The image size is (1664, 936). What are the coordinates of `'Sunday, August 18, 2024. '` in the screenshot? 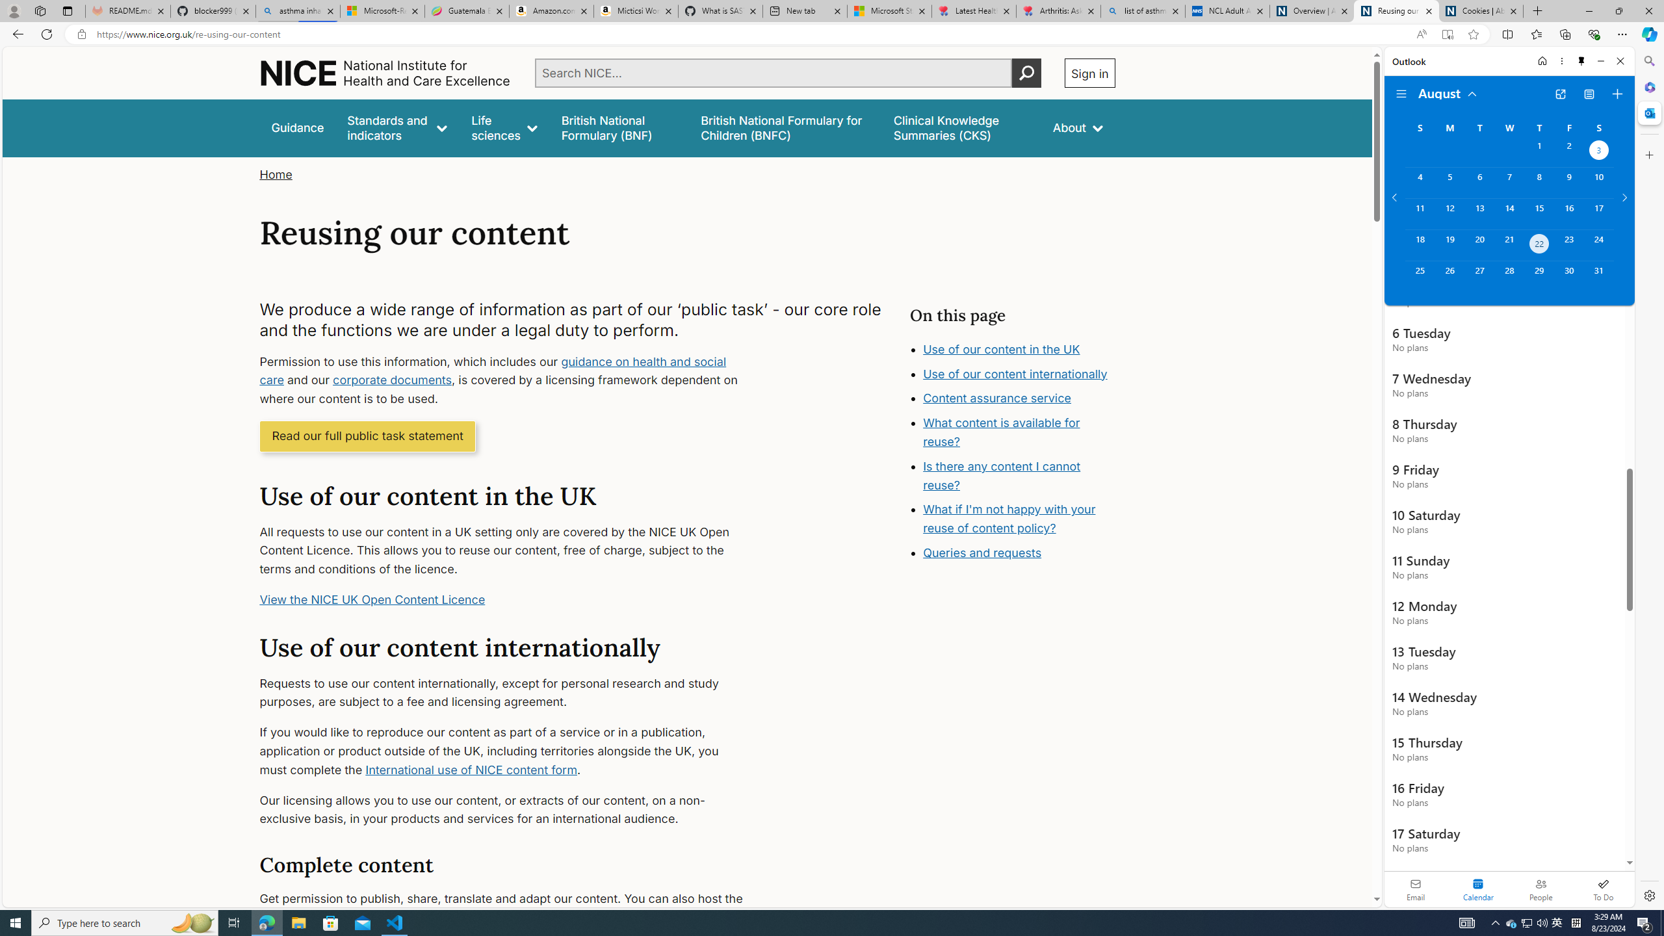 It's located at (1420, 244).